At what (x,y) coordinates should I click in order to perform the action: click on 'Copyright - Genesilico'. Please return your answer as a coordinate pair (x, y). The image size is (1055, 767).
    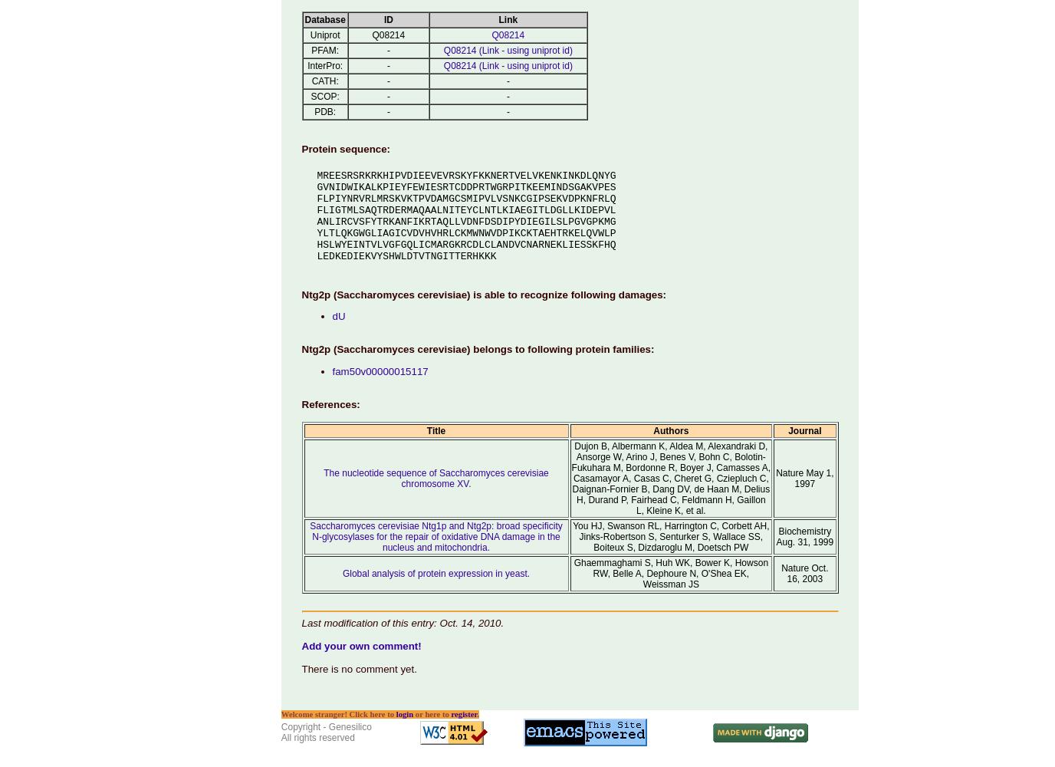
    Looking at the image, I should click on (325, 726).